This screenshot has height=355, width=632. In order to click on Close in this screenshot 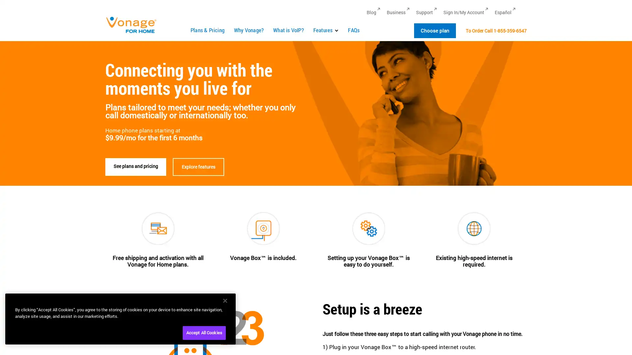, I will do `click(225, 300)`.